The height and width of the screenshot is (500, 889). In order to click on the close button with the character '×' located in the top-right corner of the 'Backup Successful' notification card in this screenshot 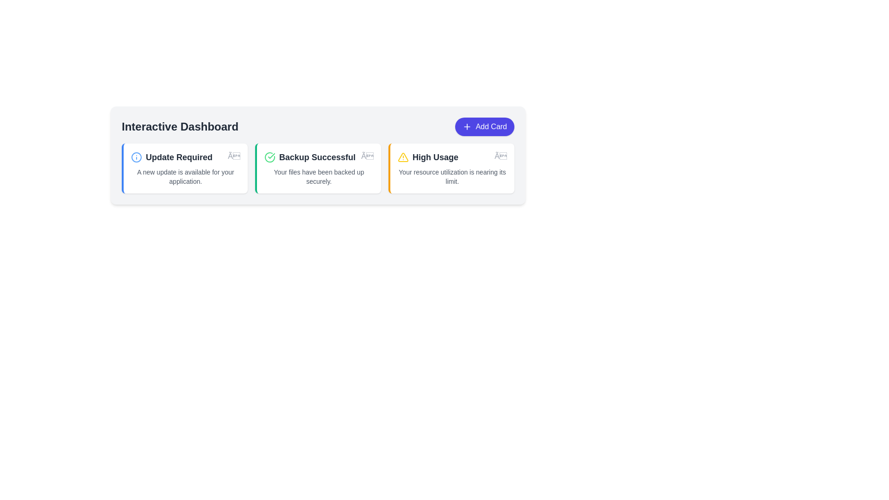, I will do `click(367, 156)`.